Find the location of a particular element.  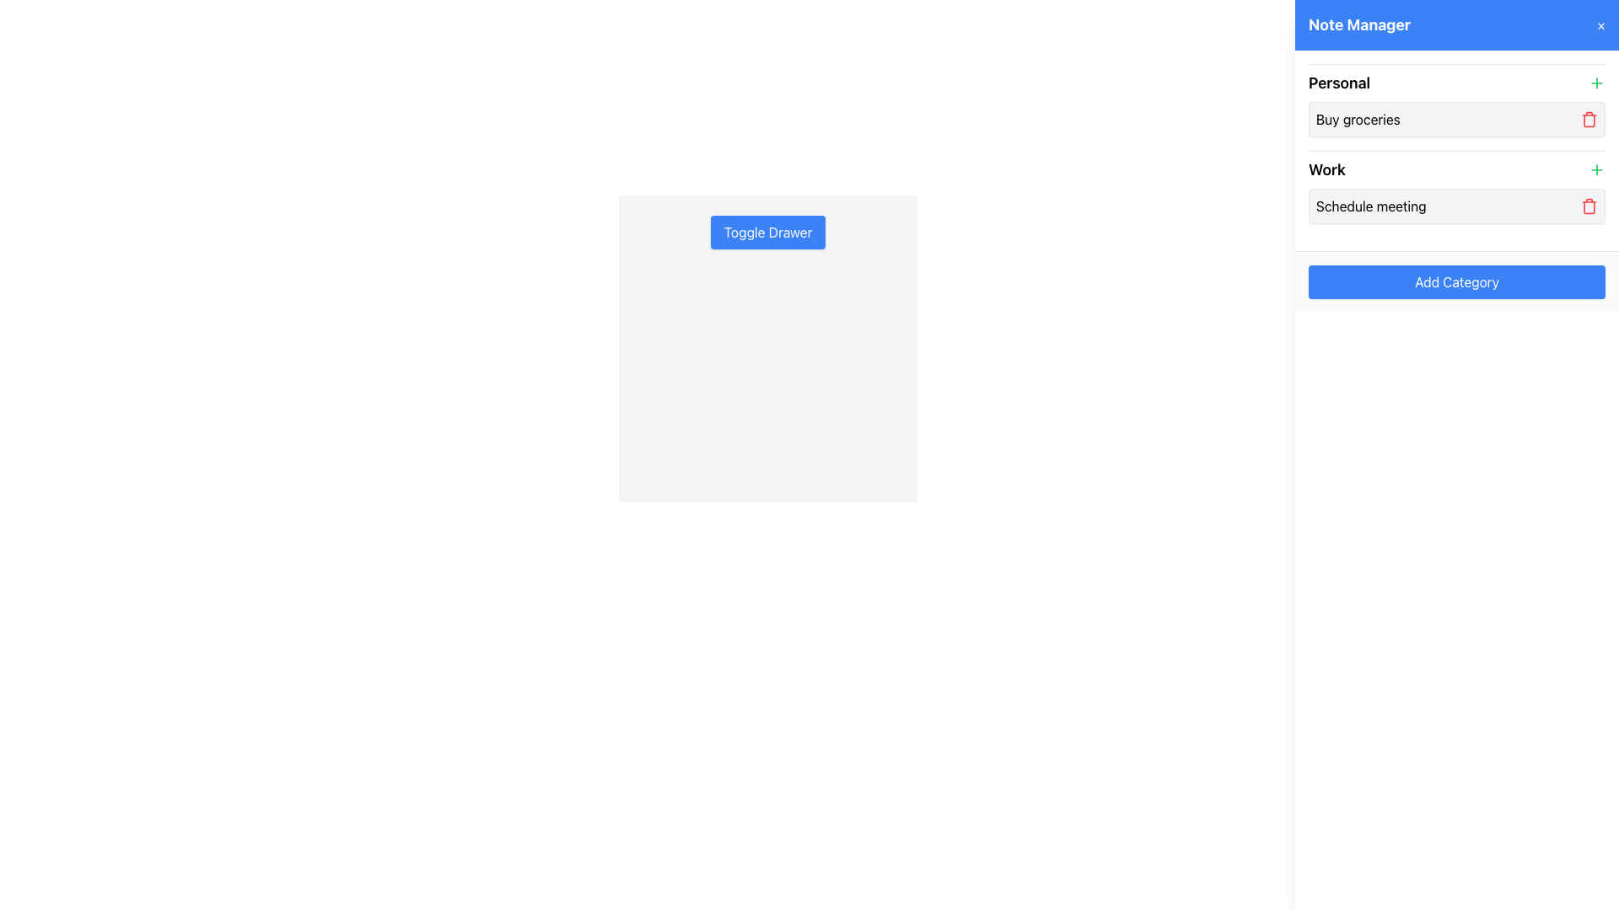

the delete button icon for the 'Buy groceries' task in the 'Personal' category within the 'Note Manager' interface is located at coordinates (1589, 119).